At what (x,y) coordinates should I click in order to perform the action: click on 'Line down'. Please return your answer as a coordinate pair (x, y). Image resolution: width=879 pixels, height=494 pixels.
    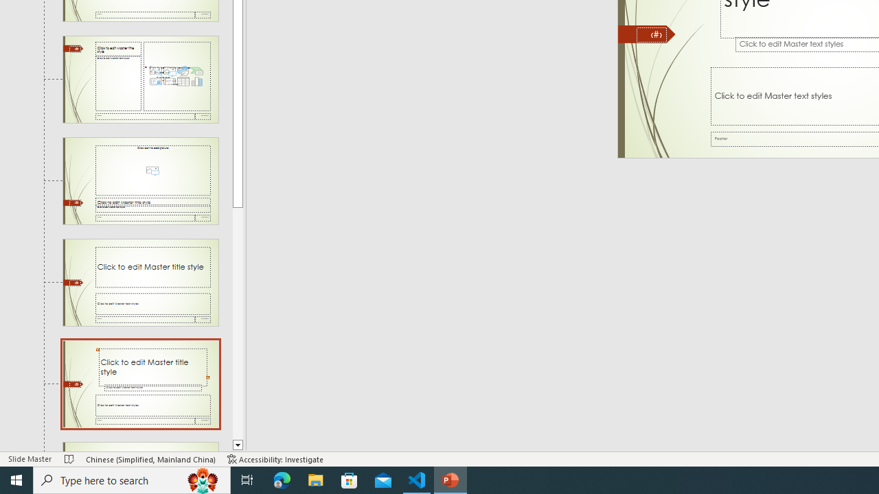
    Looking at the image, I should click on (238, 445).